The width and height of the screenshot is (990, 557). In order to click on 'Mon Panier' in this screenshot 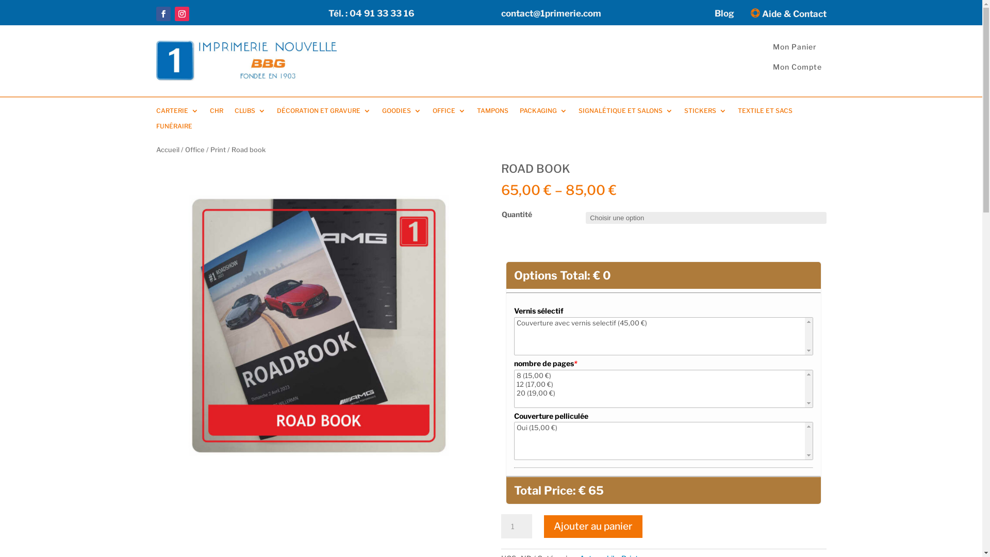, I will do `click(794, 46)`.